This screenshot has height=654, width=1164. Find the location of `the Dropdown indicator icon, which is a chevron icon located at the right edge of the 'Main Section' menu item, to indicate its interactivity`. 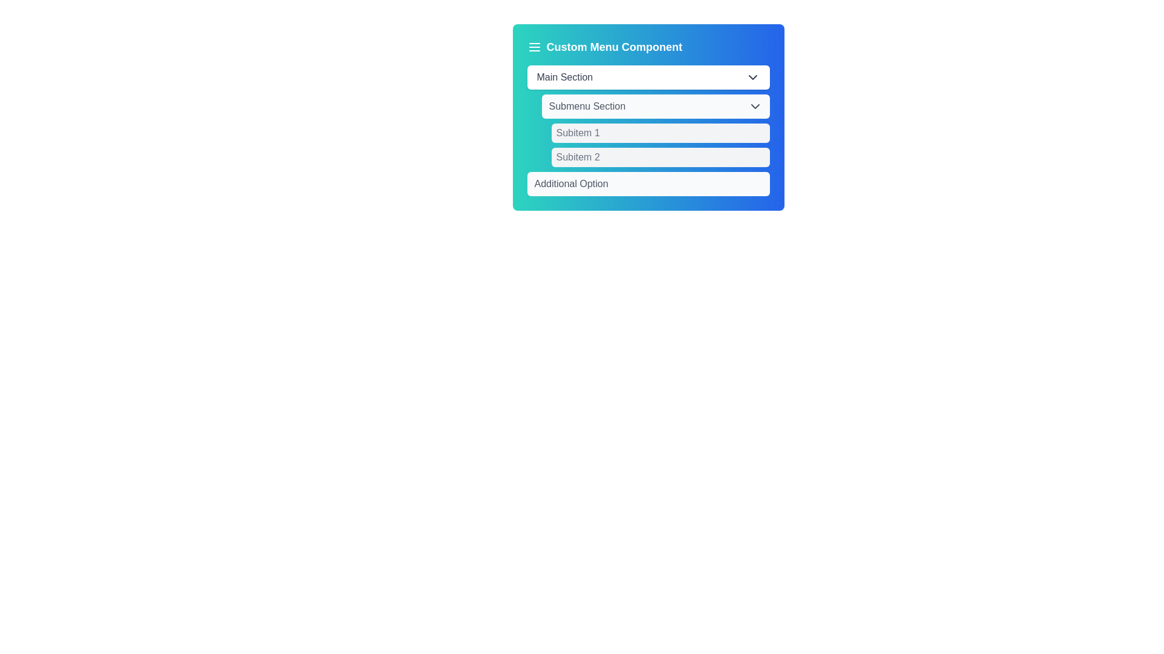

the Dropdown indicator icon, which is a chevron icon located at the right edge of the 'Main Section' menu item, to indicate its interactivity is located at coordinates (752, 77).